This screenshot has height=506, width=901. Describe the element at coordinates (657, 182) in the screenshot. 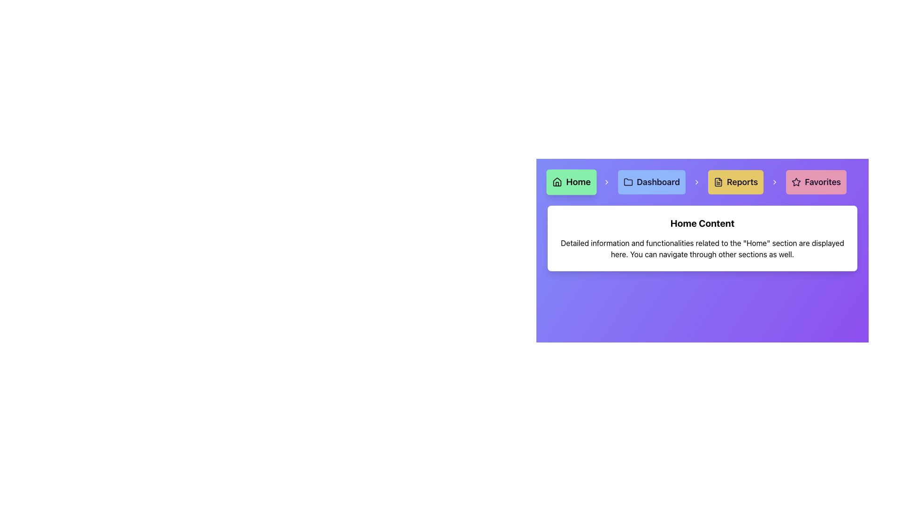

I see `the 'Dashboard' text label in the navigation bar, which is styled in a bold serif font in dark color on a light blue background, positioned between the 'Home' label and 'Reports' option` at that location.